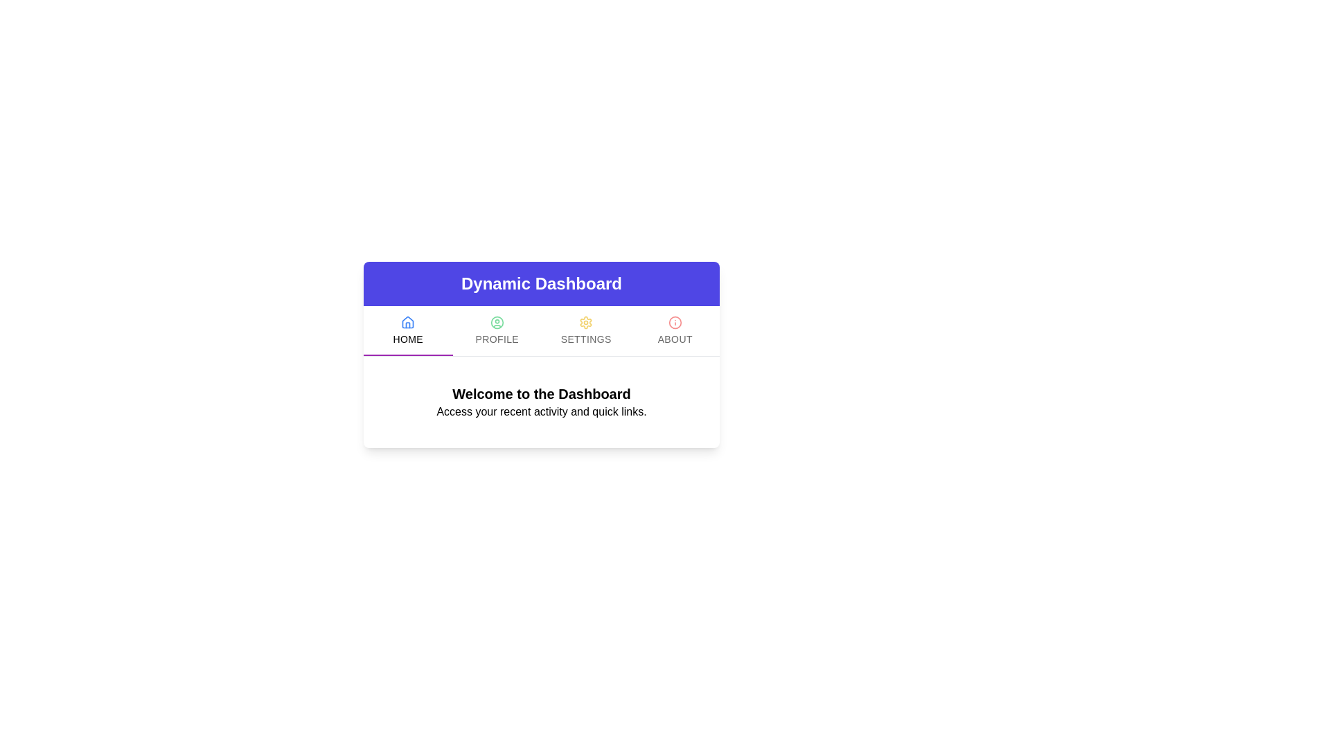 The width and height of the screenshot is (1330, 748). I want to click on the 'Home' tab in the Tabs navigation bar, so click(541, 331).